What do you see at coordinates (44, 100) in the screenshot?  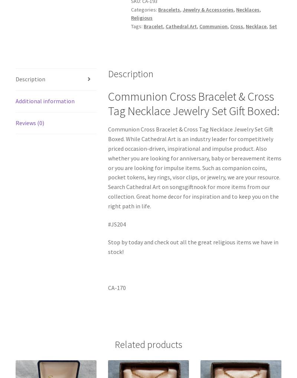 I see `'Additional information'` at bounding box center [44, 100].